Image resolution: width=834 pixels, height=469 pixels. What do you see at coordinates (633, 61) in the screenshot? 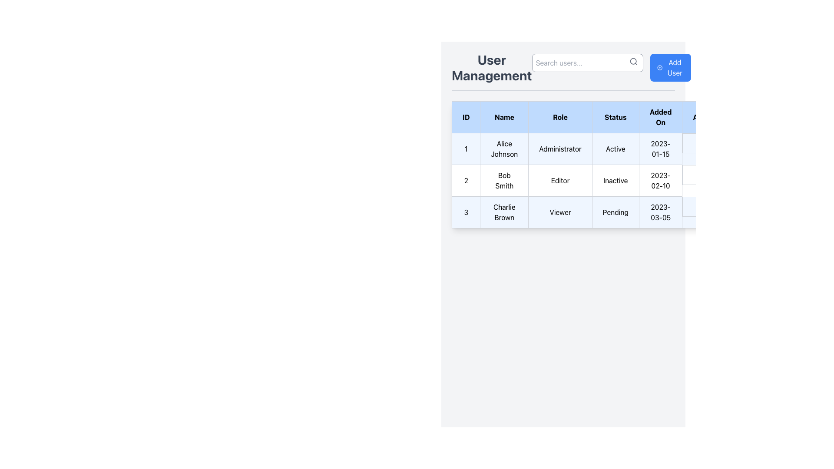
I see `the search icon located to the right of the 'Search users...' input box` at bounding box center [633, 61].